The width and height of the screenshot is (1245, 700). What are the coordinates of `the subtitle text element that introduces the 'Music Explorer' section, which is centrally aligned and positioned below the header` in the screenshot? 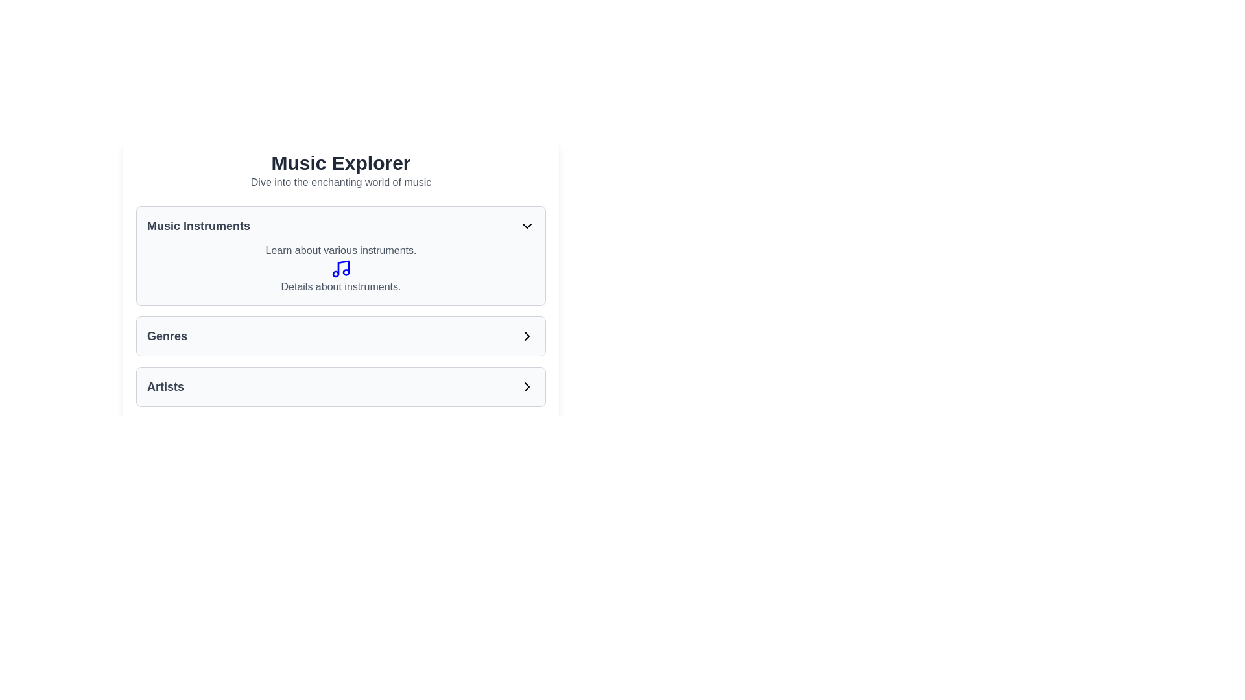 It's located at (341, 182).